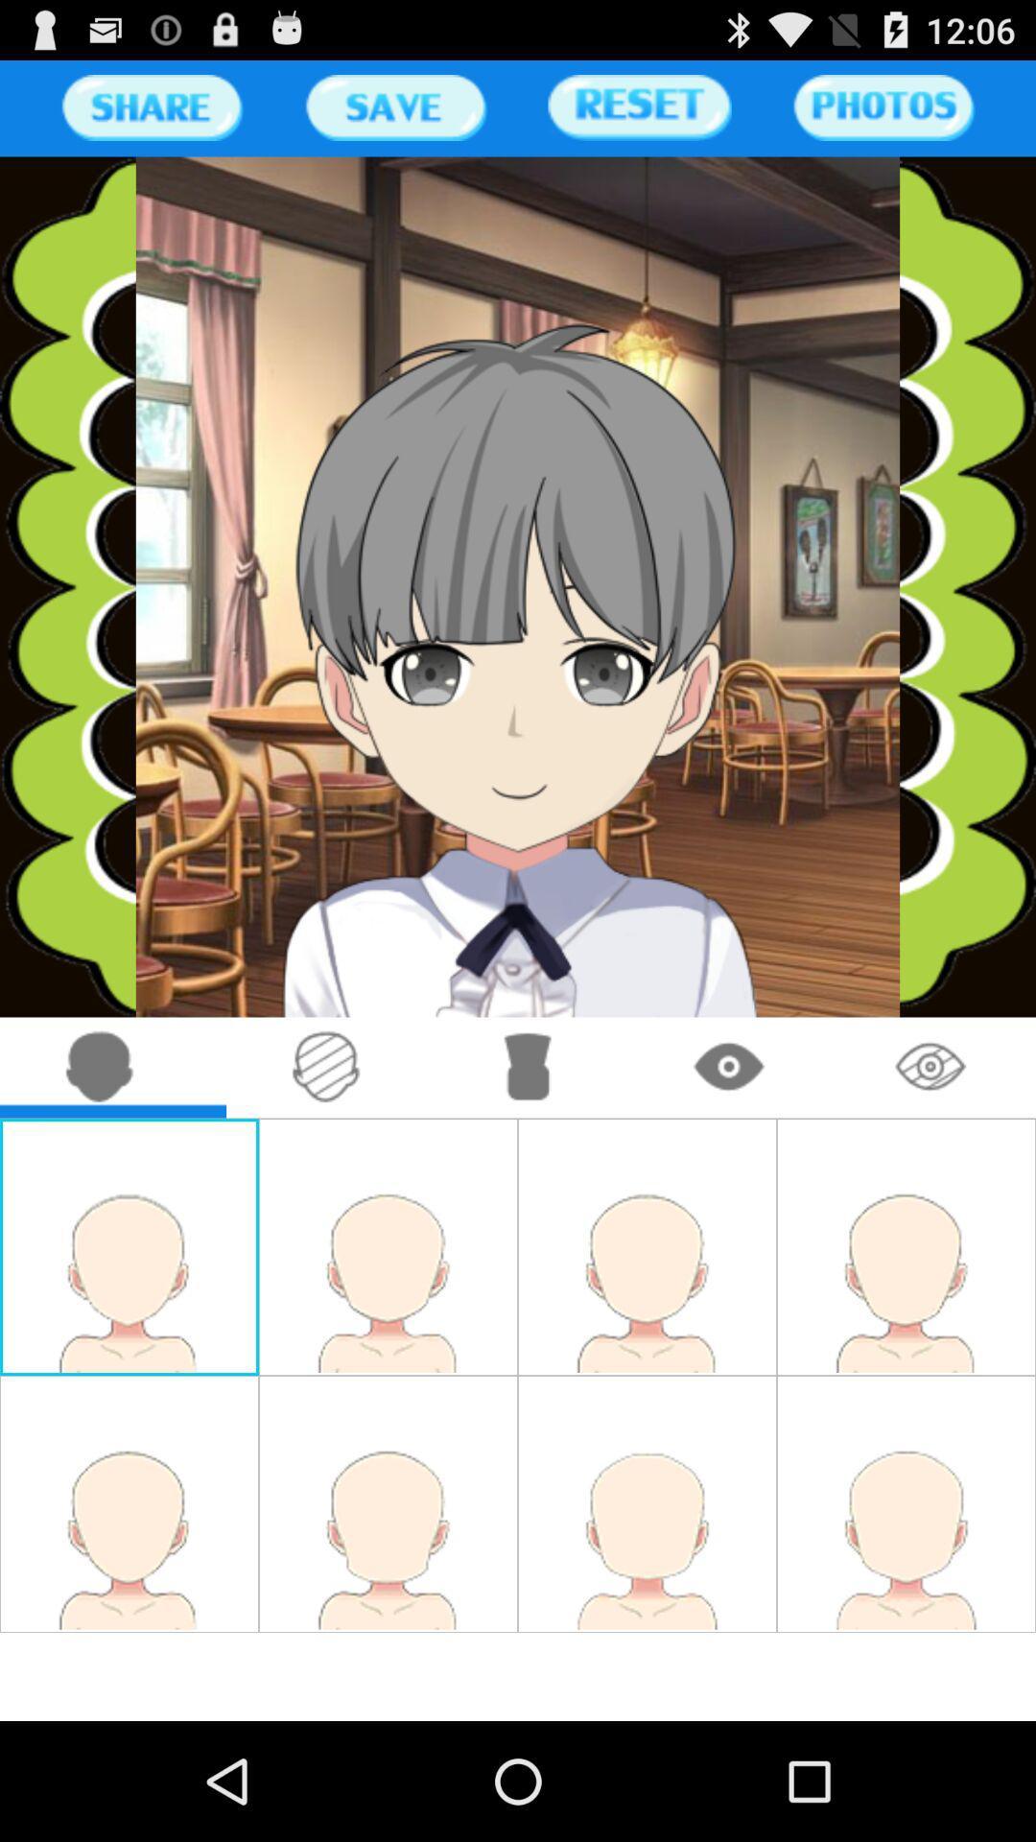 The image size is (1036, 1842). I want to click on modify eyes, so click(730, 1067).